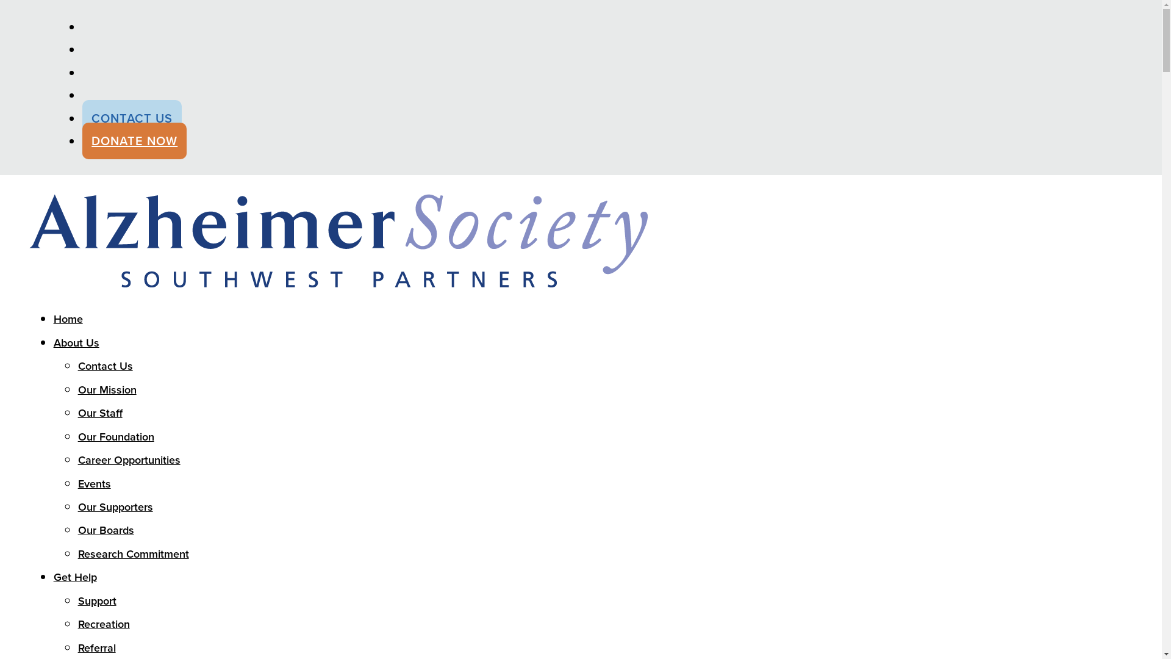 Image resolution: width=1171 pixels, height=659 pixels. Describe the element at coordinates (74, 577) in the screenshot. I see `'Get Help'` at that location.